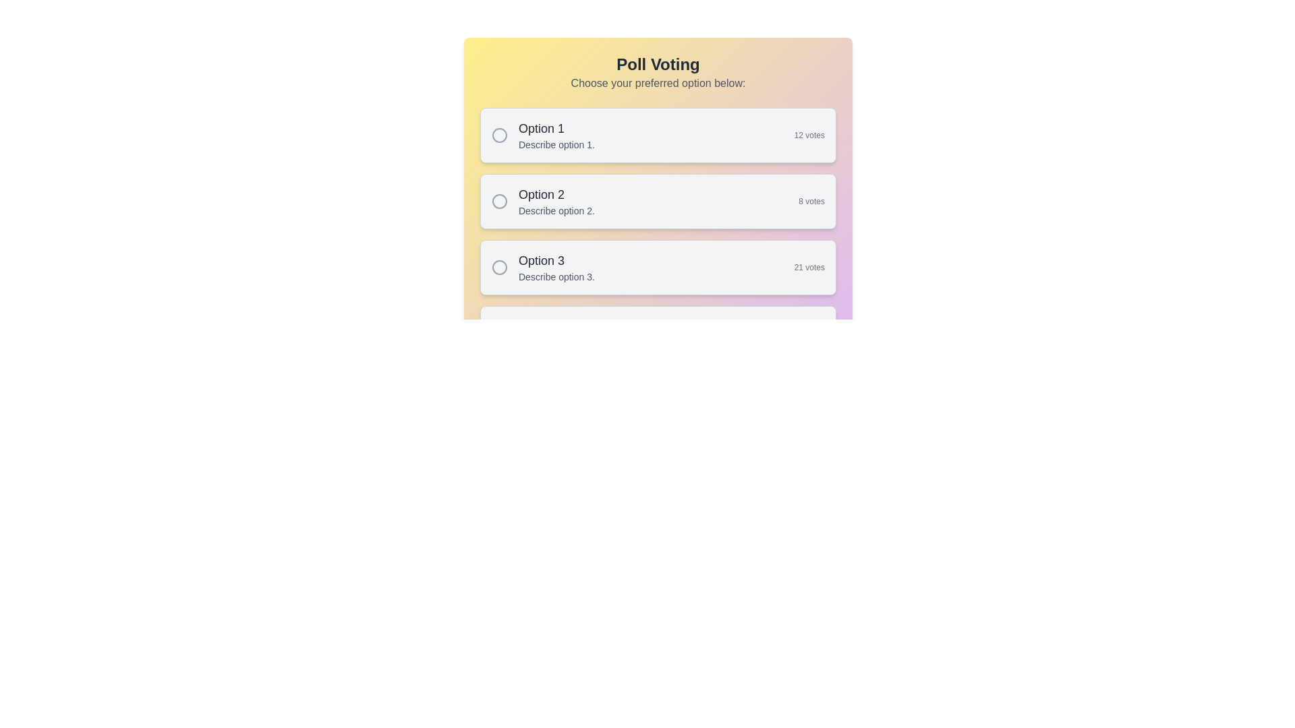 The height and width of the screenshot is (728, 1295). What do you see at coordinates (658, 135) in the screenshot?
I see `the radio button` at bounding box center [658, 135].